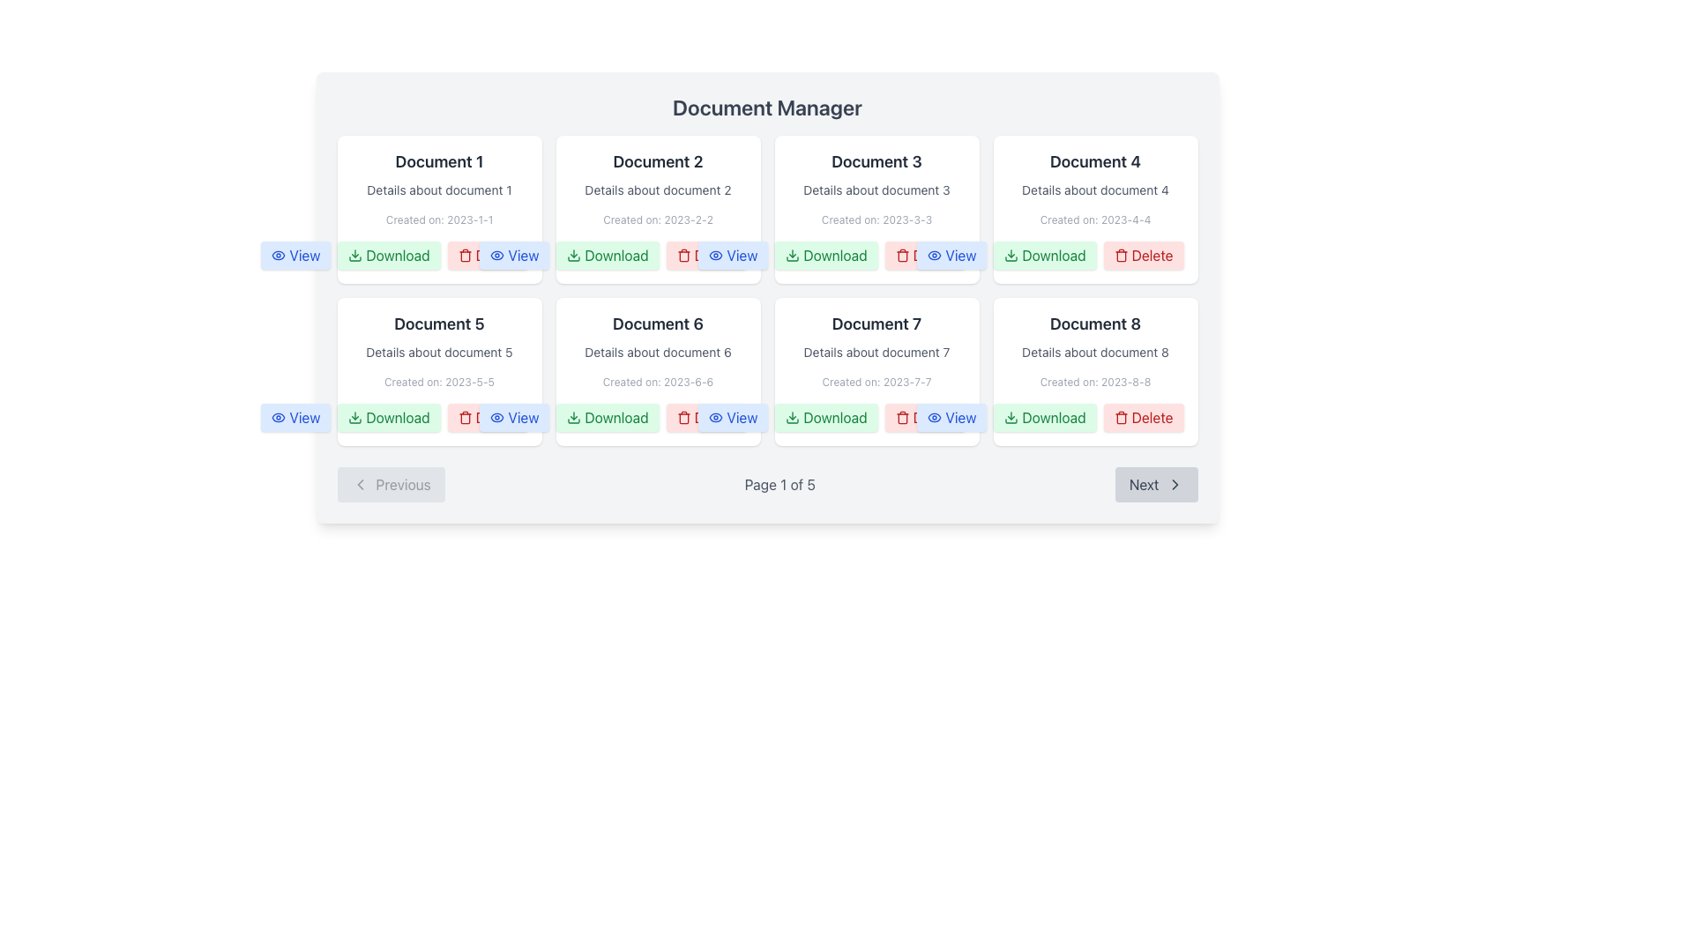 This screenshot has width=1693, height=952. What do you see at coordinates (608, 418) in the screenshot?
I see `the 'Download' button with a green background and rounded corners to initiate the download for 'Document 6'` at bounding box center [608, 418].